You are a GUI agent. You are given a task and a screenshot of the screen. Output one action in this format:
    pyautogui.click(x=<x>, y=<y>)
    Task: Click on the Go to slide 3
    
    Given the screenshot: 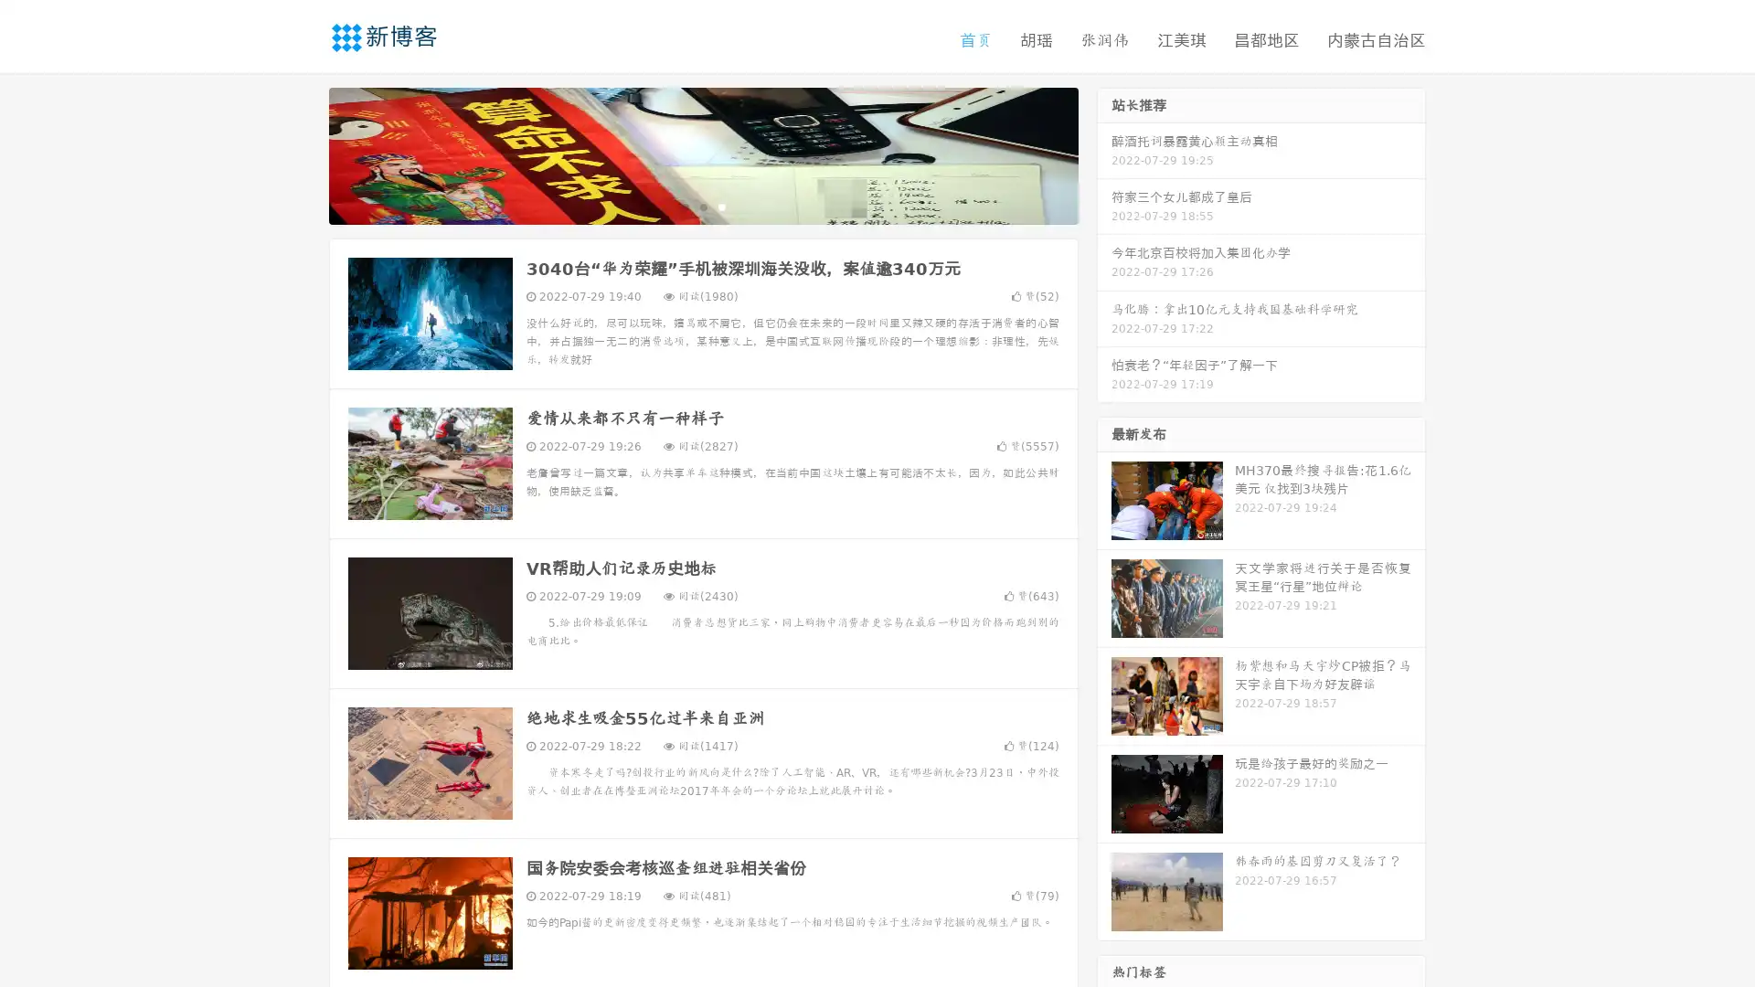 What is the action you would take?
    pyautogui.click(x=721, y=206)
    